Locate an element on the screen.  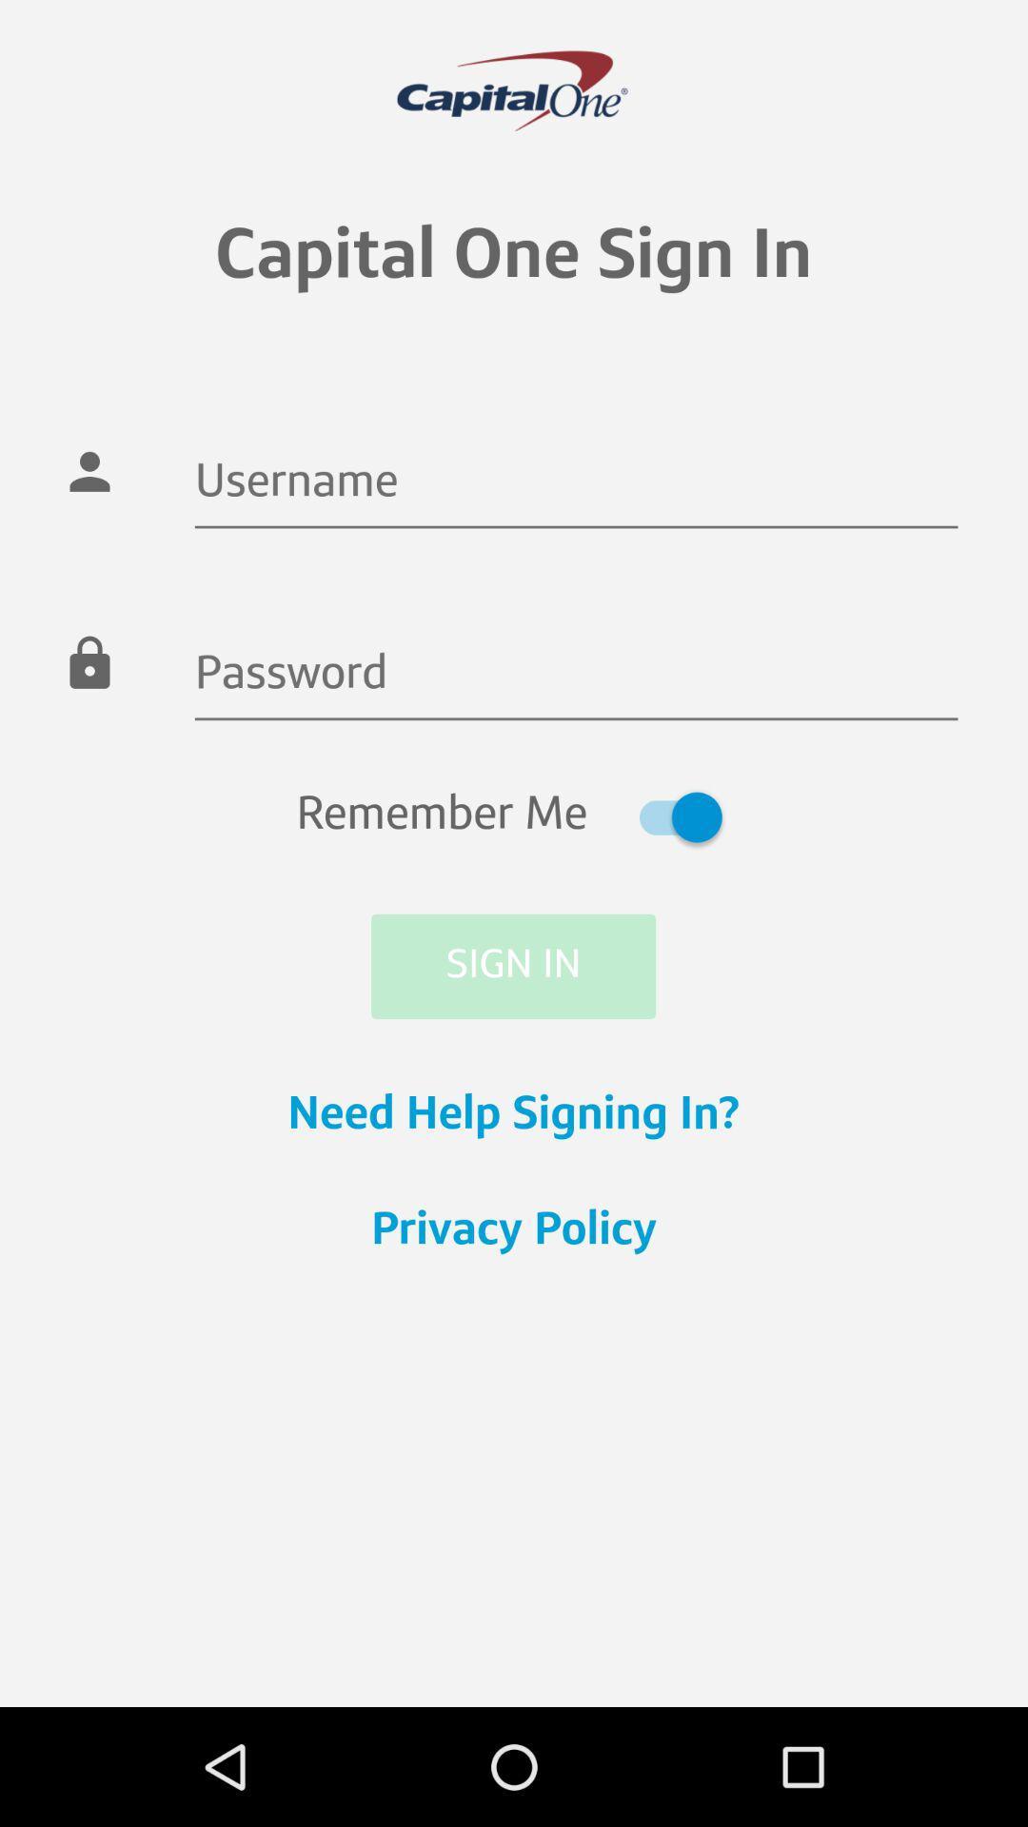
need help signing icon is located at coordinates (514, 1116).